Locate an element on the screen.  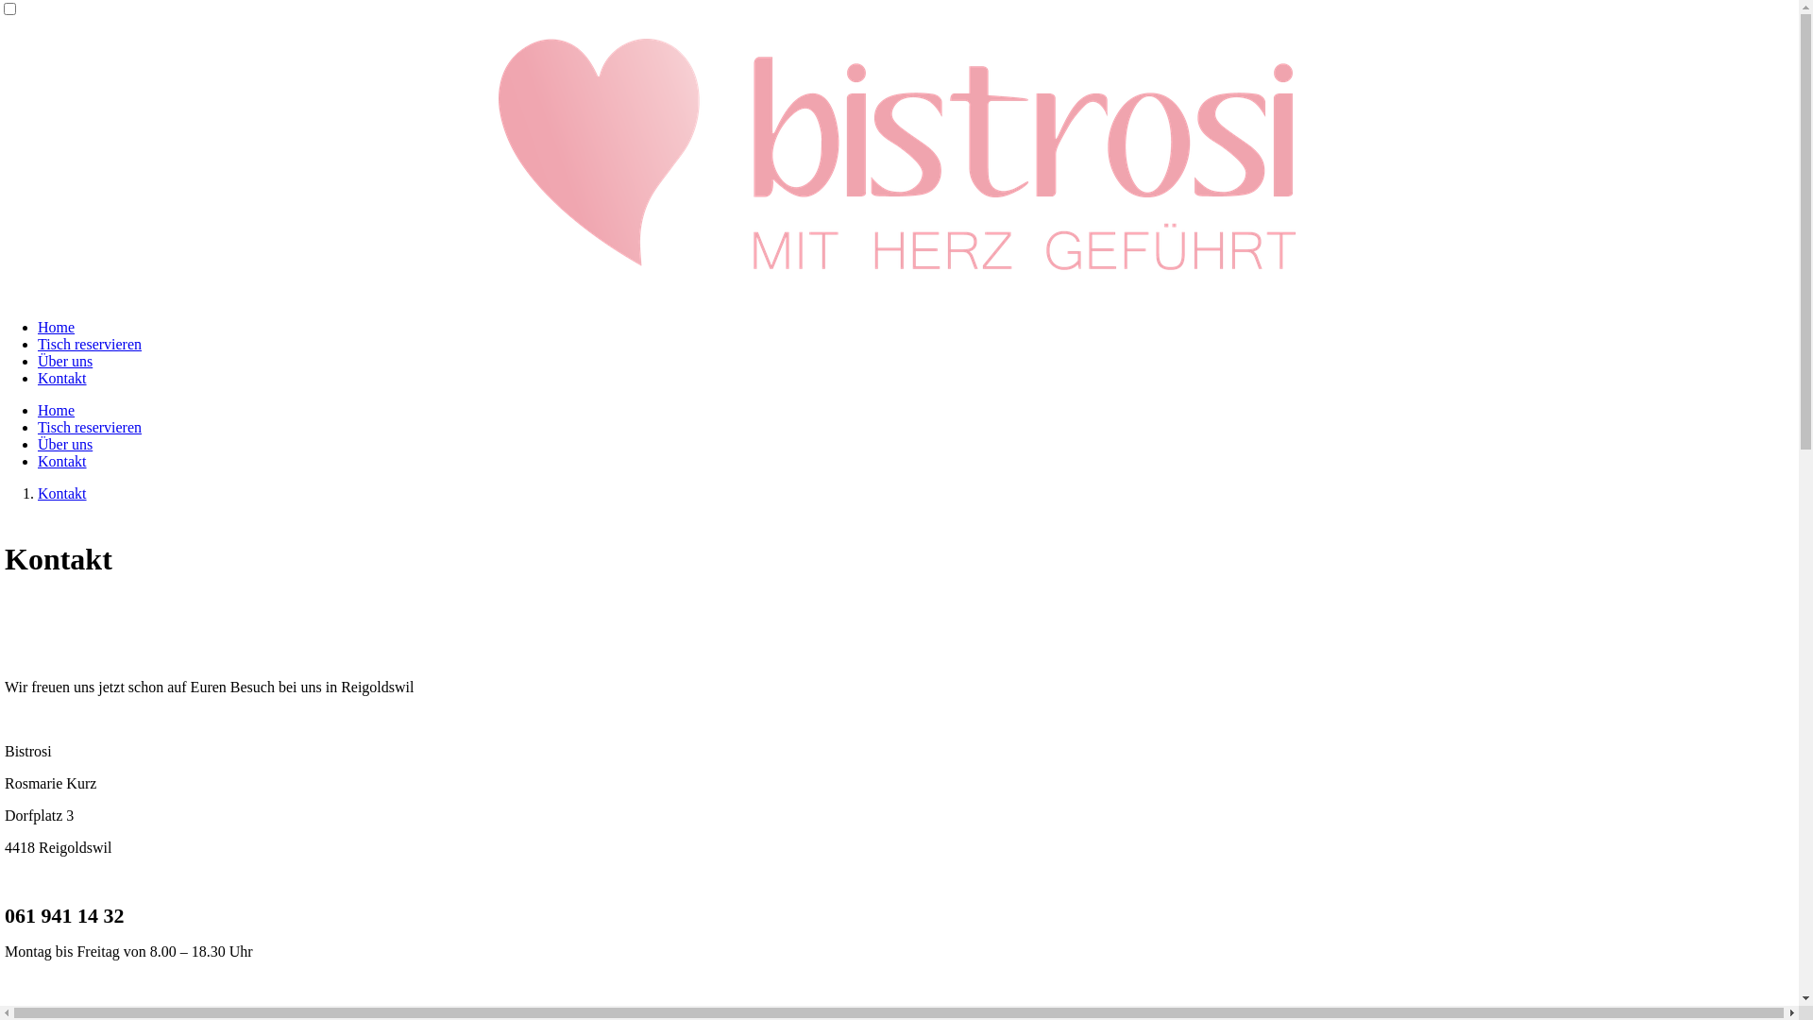
'Kontakt' is located at coordinates (37, 492).